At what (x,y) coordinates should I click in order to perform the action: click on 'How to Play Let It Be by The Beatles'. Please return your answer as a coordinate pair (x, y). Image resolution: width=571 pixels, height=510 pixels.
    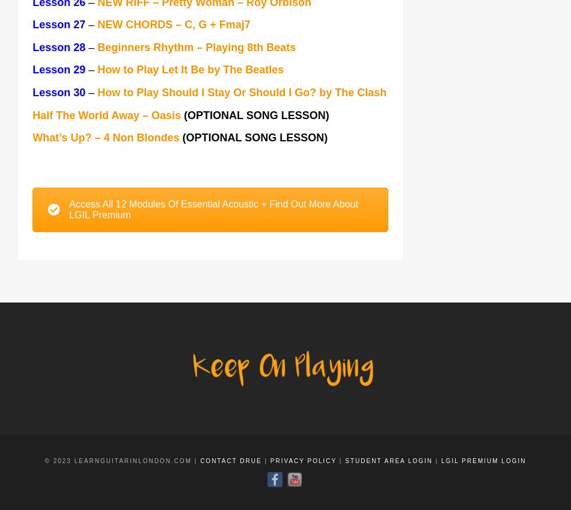
    Looking at the image, I should click on (97, 70).